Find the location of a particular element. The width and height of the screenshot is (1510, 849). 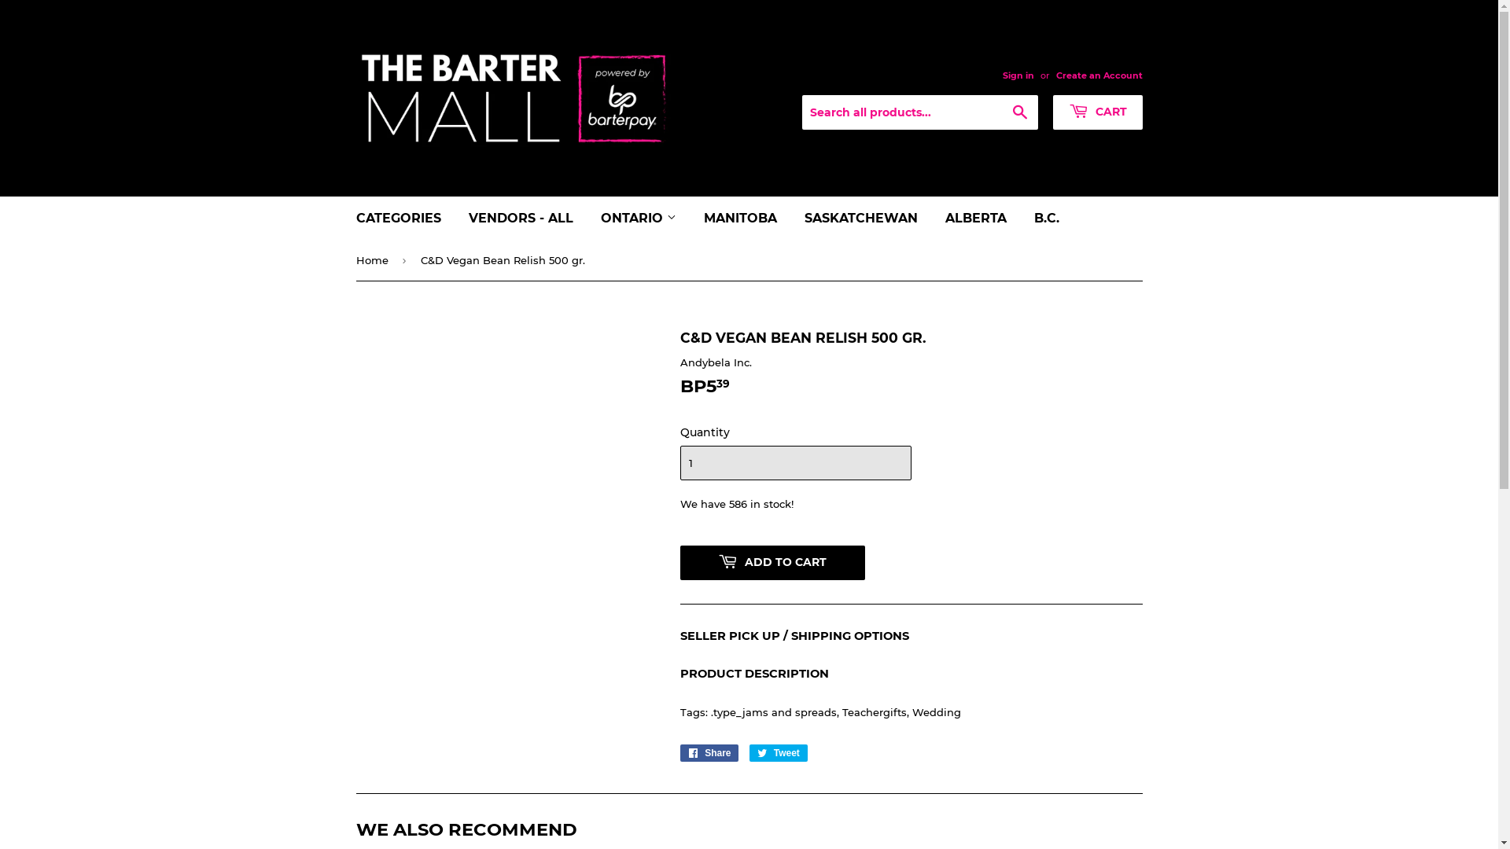

'MANITOBA' is located at coordinates (739, 218).